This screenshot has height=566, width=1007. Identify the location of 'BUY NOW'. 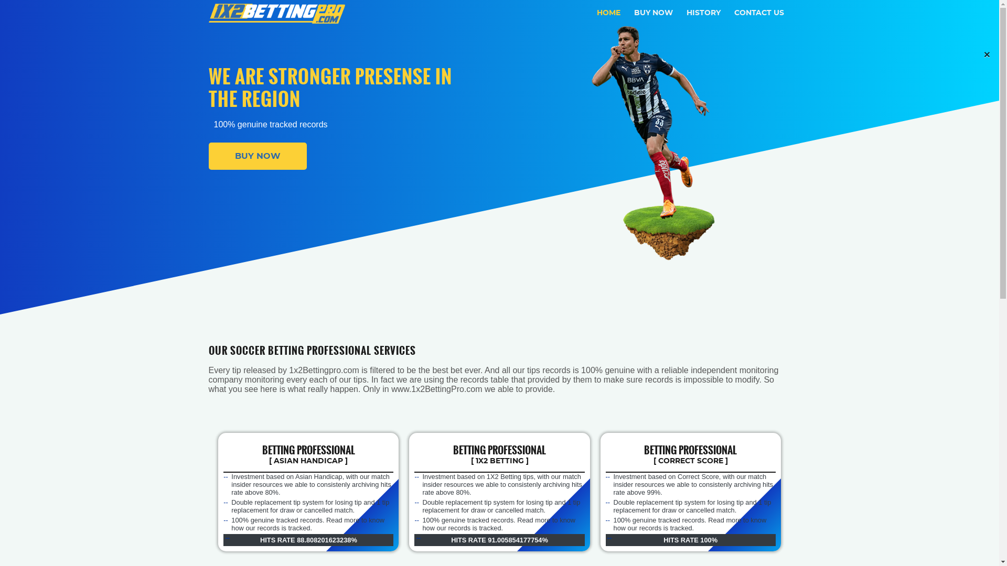
(652, 13).